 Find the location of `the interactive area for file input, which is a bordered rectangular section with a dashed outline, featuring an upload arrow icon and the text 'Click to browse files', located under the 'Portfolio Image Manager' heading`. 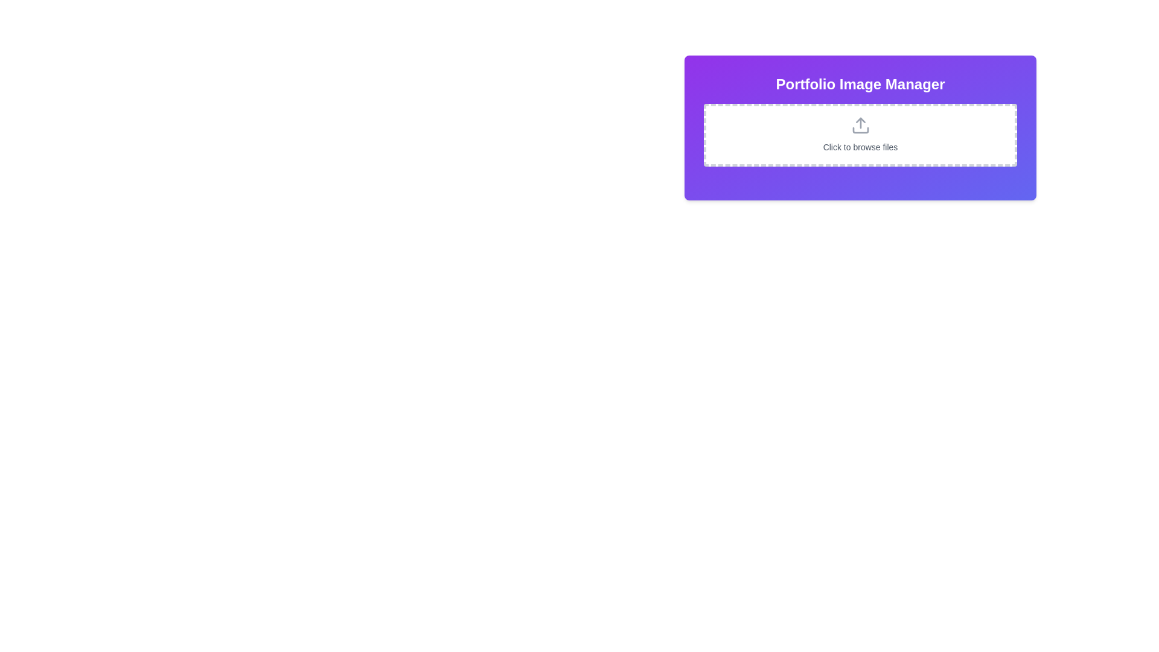

the interactive area for file input, which is a bordered rectangular section with a dashed outline, featuring an upload arrow icon and the text 'Click to browse files', located under the 'Portfolio Image Manager' heading is located at coordinates (860, 135).